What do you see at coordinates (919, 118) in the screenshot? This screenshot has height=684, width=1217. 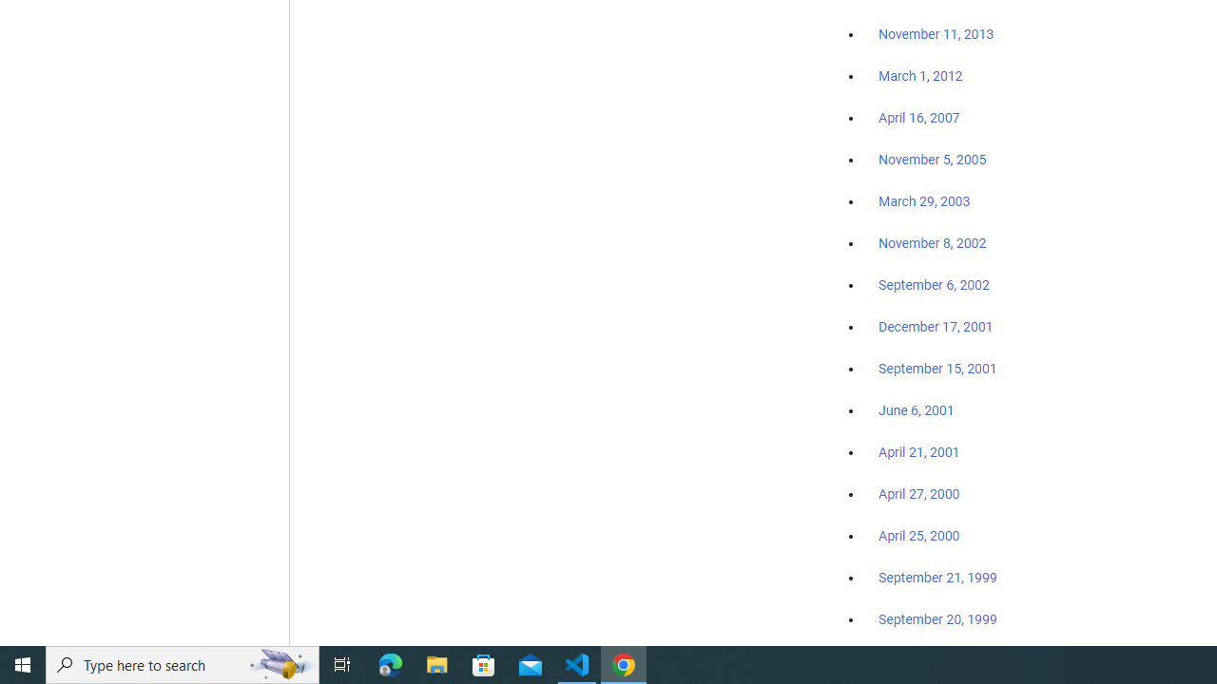 I see `'April 16, 2007'` at bounding box center [919, 118].